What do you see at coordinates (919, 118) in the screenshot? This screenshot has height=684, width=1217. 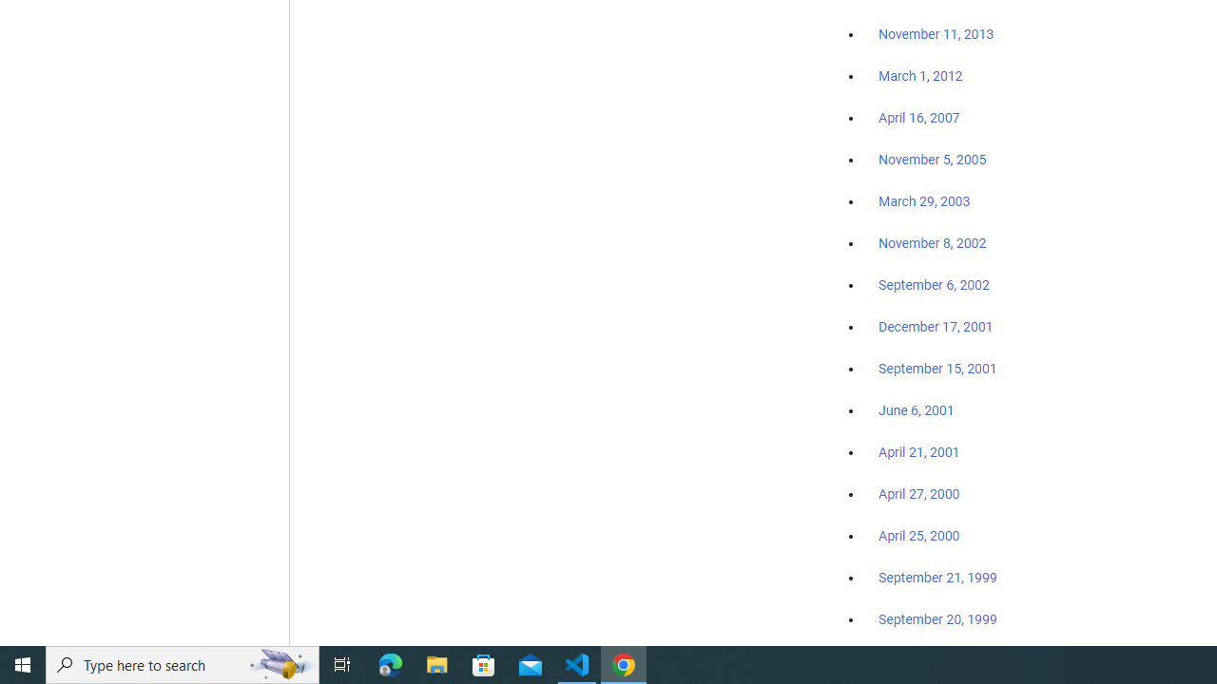 I see `'April 16, 2007'` at bounding box center [919, 118].